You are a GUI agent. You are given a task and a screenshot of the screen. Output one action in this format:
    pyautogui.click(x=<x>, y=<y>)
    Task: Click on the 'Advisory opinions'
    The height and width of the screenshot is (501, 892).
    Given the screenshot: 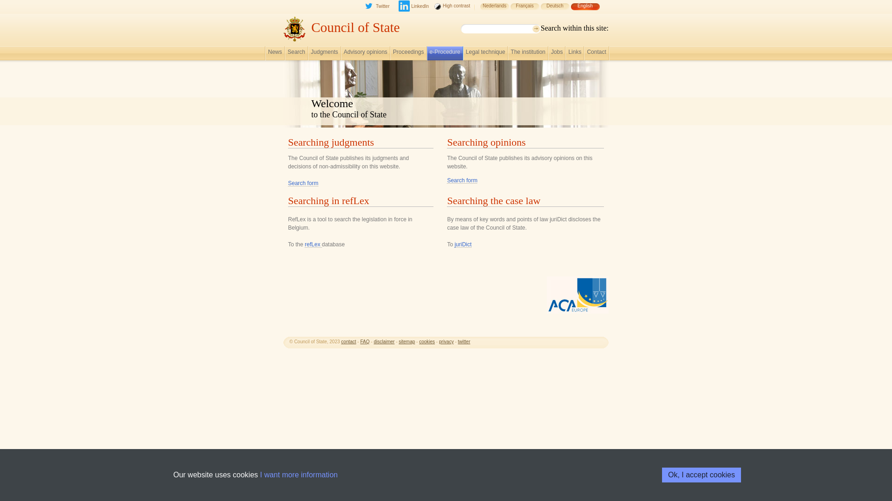 What is the action you would take?
    pyautogui.click(x=365, y=54)
    